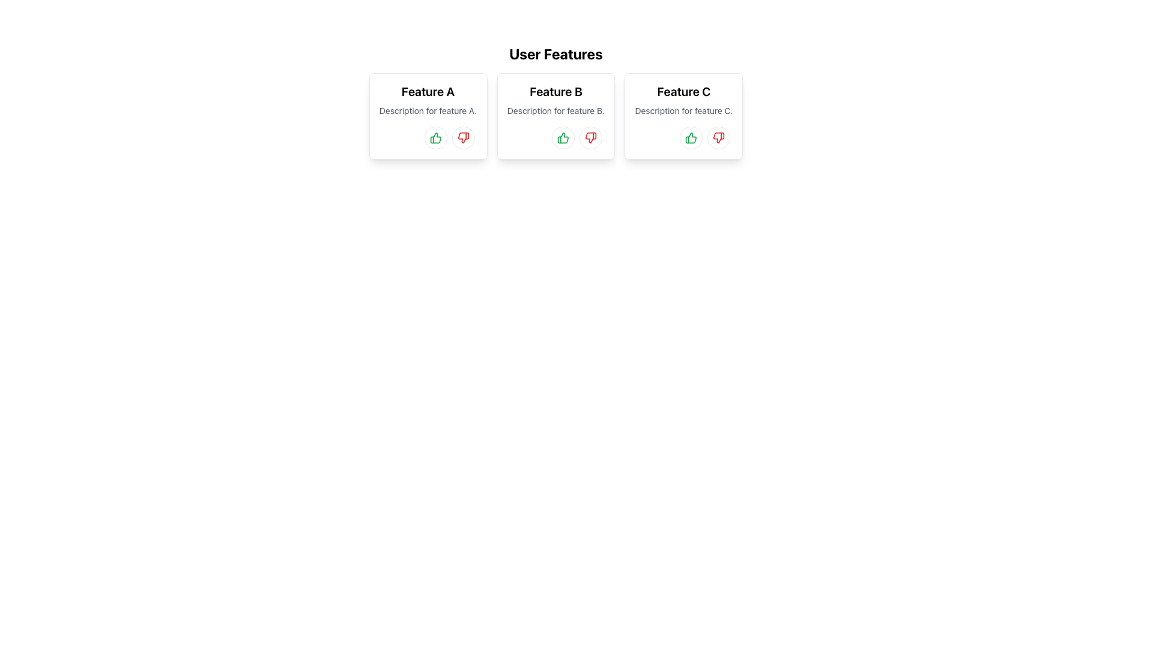 This screenshot has width=1153, height=648. Describe the element at coordinates (462, 137) in the screenshot. I see `the thumbs-down button located in the action panel at the bottom of the card for 'Feature A'` at that location.